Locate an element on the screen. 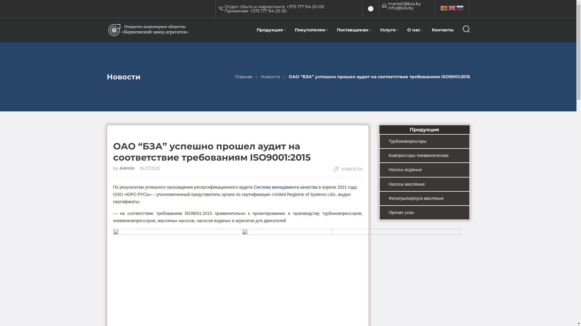  'English' is located at coordinates (452, 8).